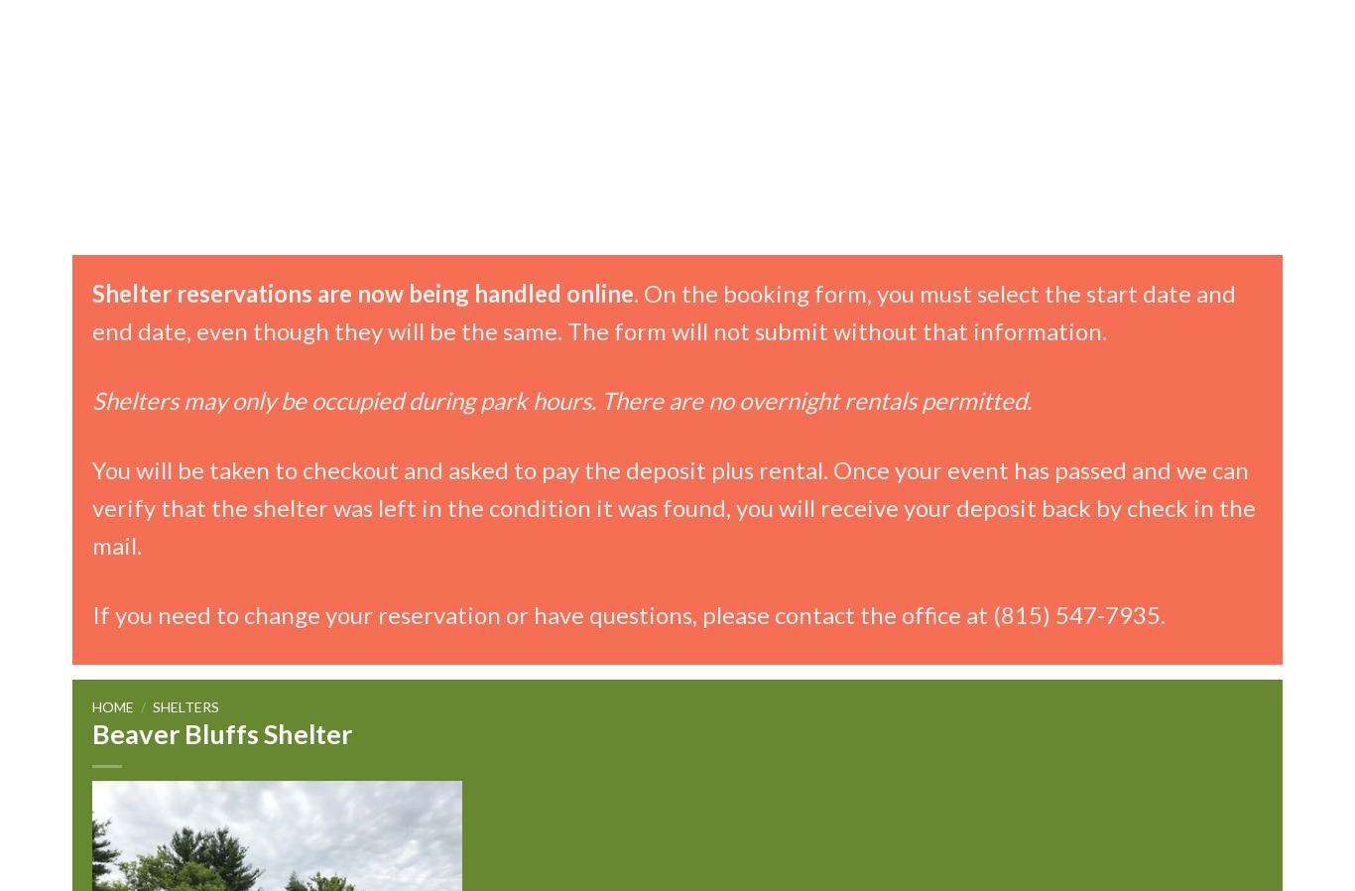  Describe the element at coordinates (515, 279) in the screenshot. I see `'Prescribed Burn Season Schedule'` at that location.